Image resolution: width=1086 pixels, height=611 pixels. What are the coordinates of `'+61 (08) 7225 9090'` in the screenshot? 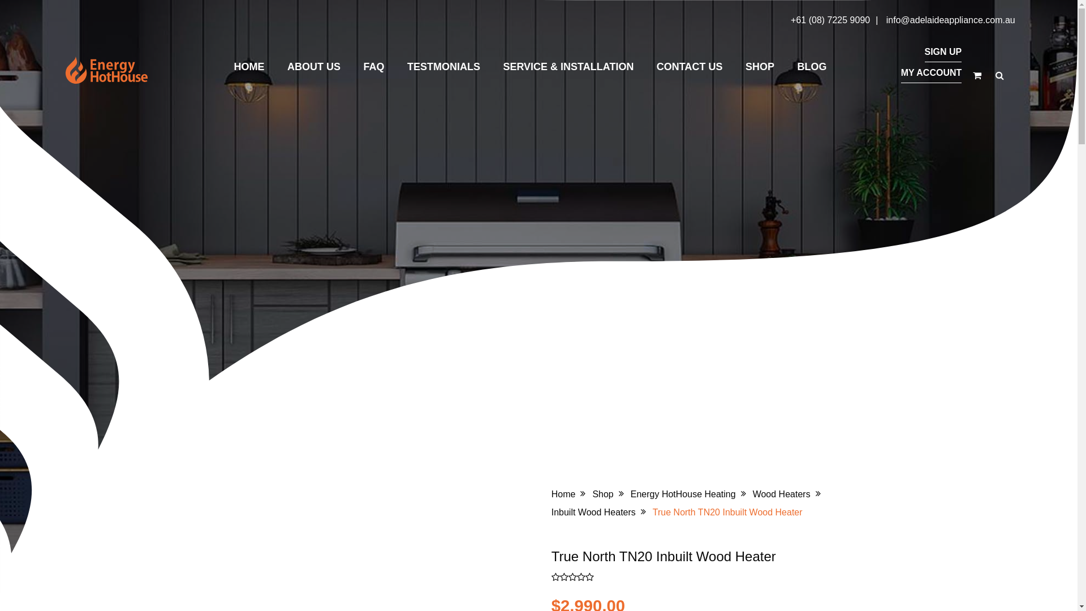 It's located at (830, 20).